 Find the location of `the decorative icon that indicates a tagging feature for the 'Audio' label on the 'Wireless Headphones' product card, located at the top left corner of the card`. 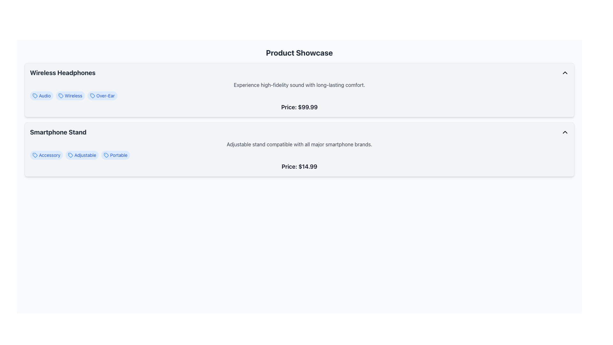

the decorative icon that indicates a tagging feature for the 'Audio' label on the 'Wireless Headphones' product card, located at the top left corner of the card is located at coordinates (35, 96).